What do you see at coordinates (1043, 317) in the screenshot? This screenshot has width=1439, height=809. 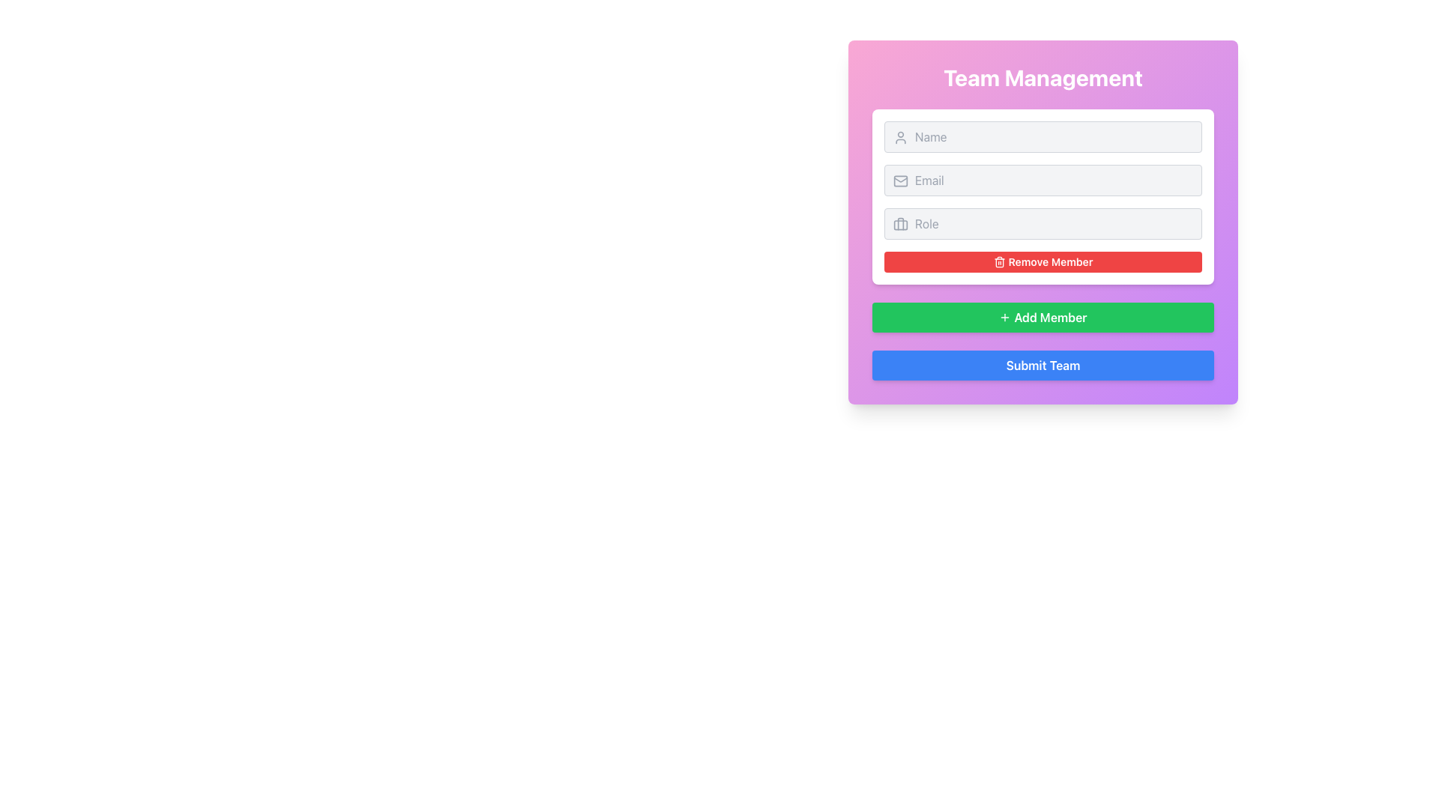 I see `the '+ Add Member' button with a vibrant green background and bold white text` at bounding box center [1043, 317].